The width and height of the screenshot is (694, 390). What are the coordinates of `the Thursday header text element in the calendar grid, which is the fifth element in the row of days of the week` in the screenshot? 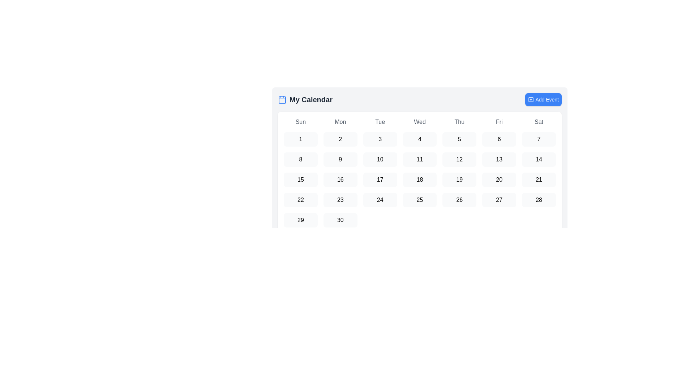 It's located at (459, 122).